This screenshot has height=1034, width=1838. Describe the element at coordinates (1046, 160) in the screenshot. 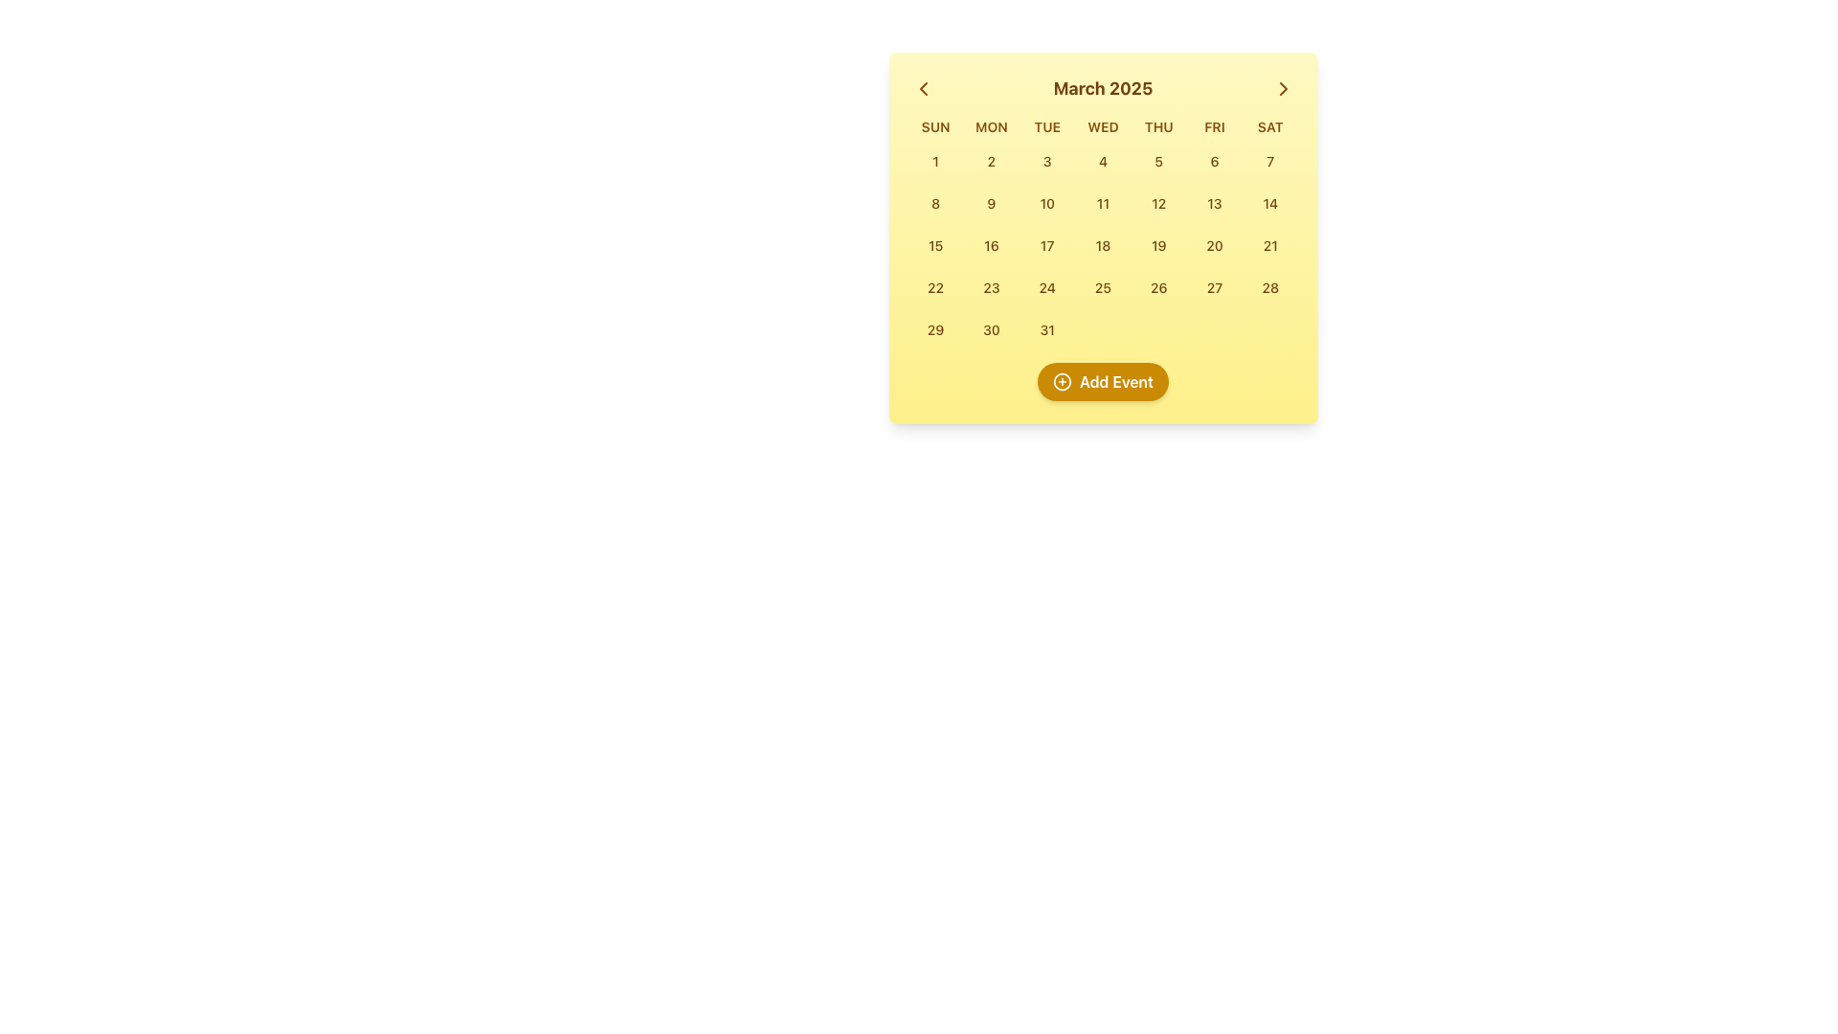

I see `the numeral '3' in the calendar layout, which is styled with a small and bold font on a yellow background` at that location.